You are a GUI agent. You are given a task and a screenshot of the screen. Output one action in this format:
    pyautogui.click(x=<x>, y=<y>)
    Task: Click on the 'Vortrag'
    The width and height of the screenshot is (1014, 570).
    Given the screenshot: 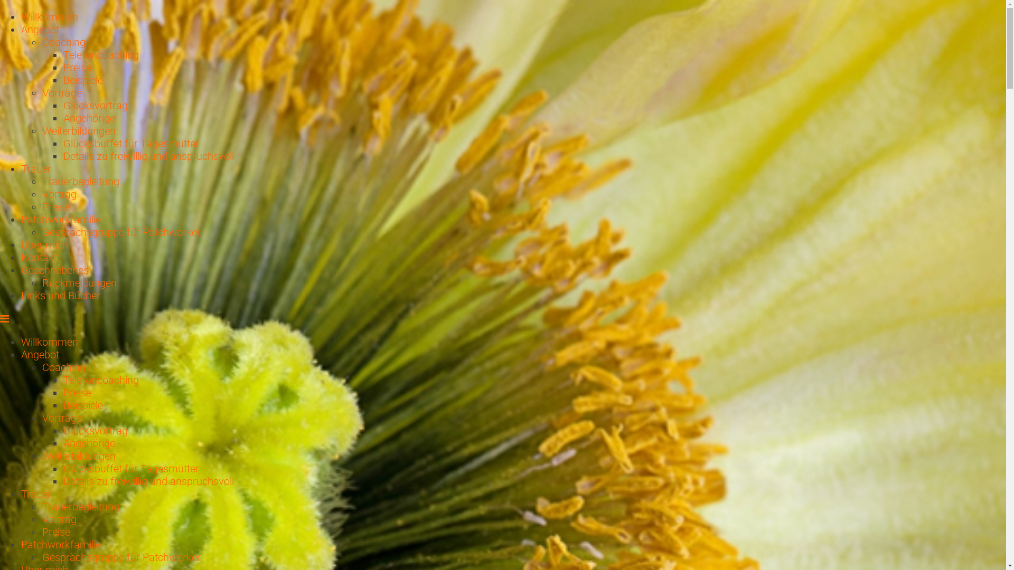 What is the action you would take?
    pyautogui.click(x=42, y=194)
    